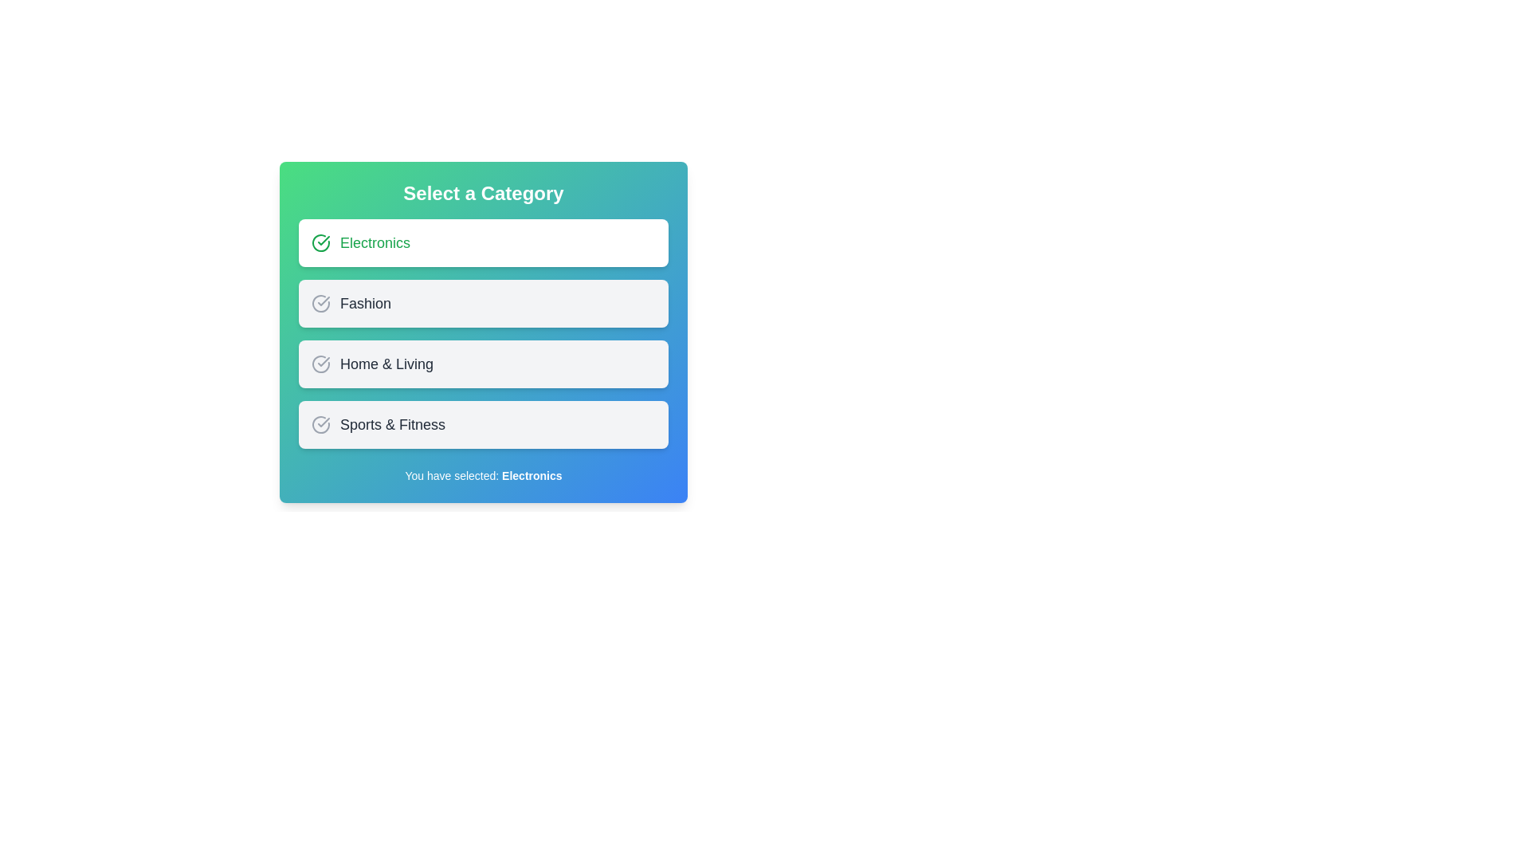  I want to click on the 'Fashion' category selection button, which is the second item in the vertical list of selectable categories, located below 'Electronics' and above 'Home & Living' and 'Sports & Fitness', so click(482, 304).